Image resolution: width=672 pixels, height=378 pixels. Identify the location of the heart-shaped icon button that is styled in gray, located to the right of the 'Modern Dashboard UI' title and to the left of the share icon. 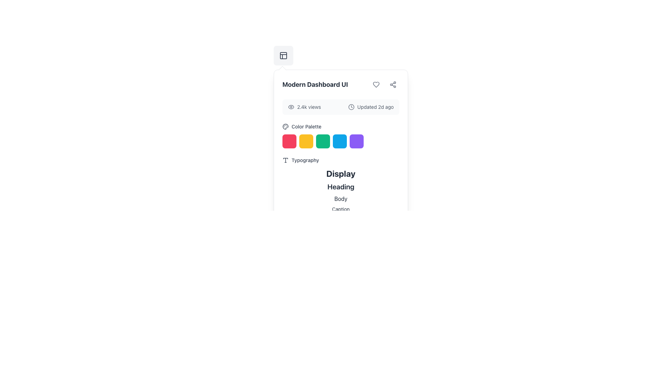
(376, 84).